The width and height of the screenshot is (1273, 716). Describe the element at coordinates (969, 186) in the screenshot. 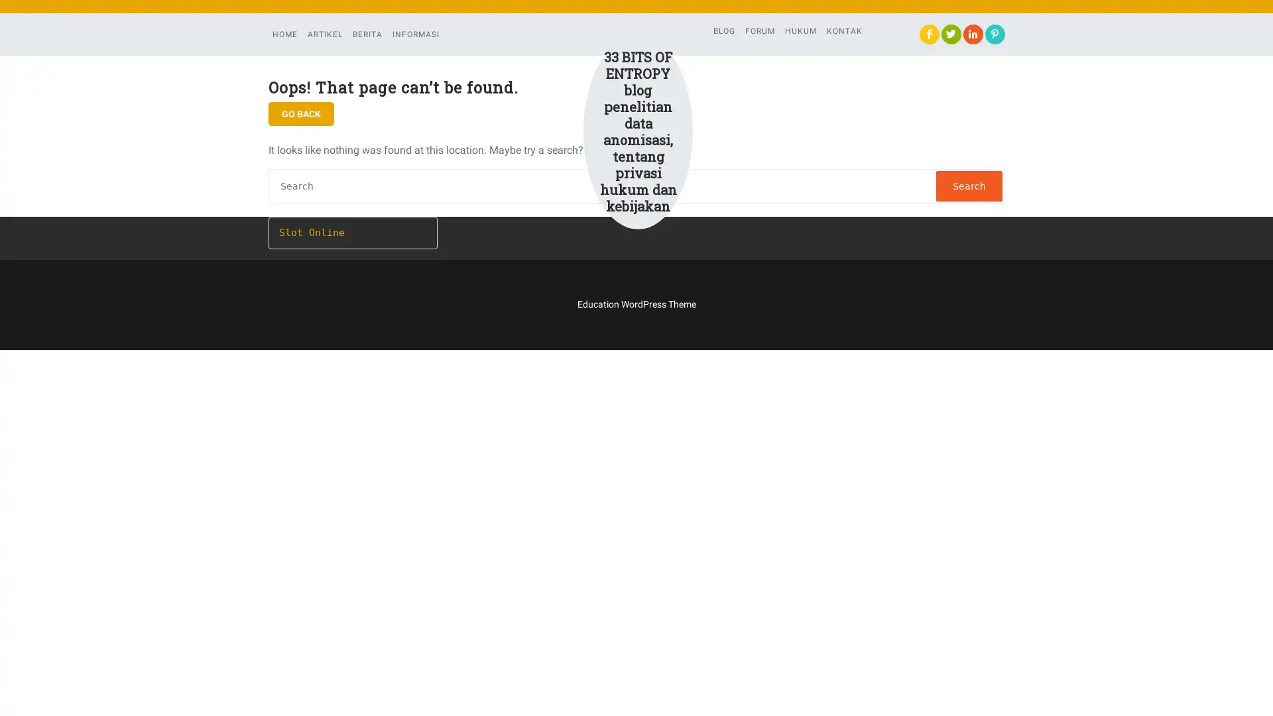

I see `Search` at that location.